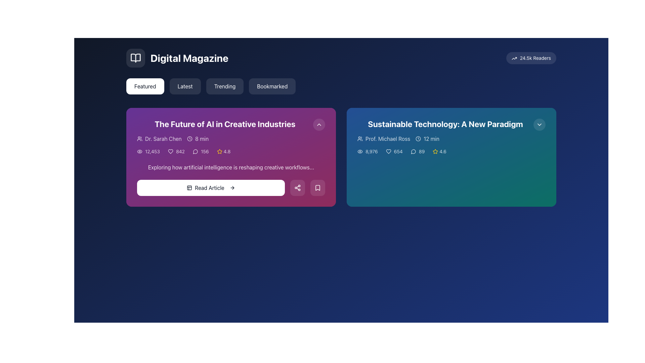 The image size is (645, 363). I want to click on the bookmark action icon located at the bottom-right corner of the left purple card for the article 'The Future of AI in Creative Industries', so click(317, 188).